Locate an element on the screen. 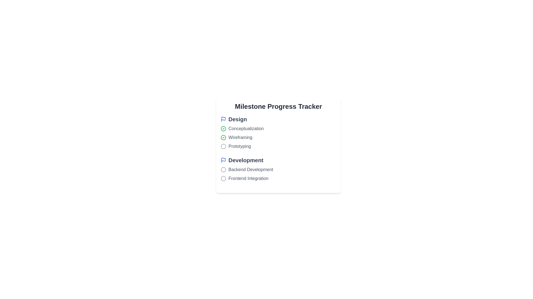 This screenshot has height=299, width=533. the status indicated by the Circle icon for milestone status next to the 'Frontend Integration' marker in the 'Development' section of the milestone tracker is located at coordinates (223, 178).